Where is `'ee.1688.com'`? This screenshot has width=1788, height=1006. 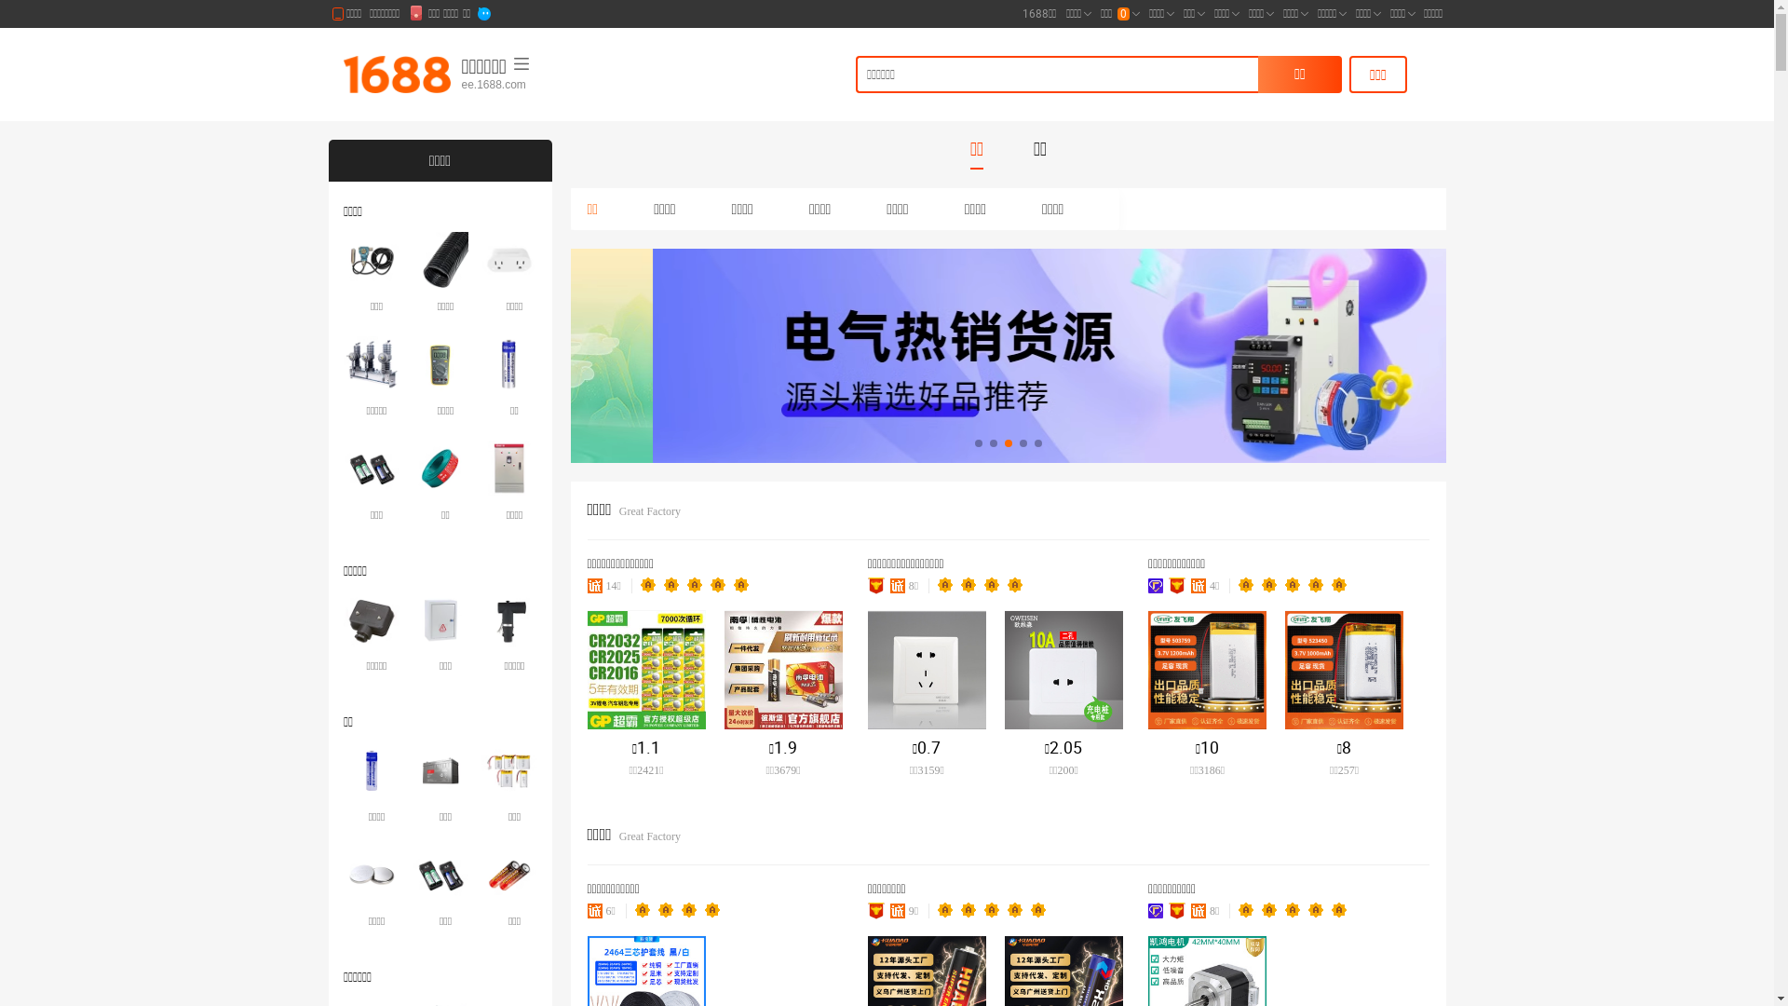
'ee.1688.com' is located at coordinates (553, 85).